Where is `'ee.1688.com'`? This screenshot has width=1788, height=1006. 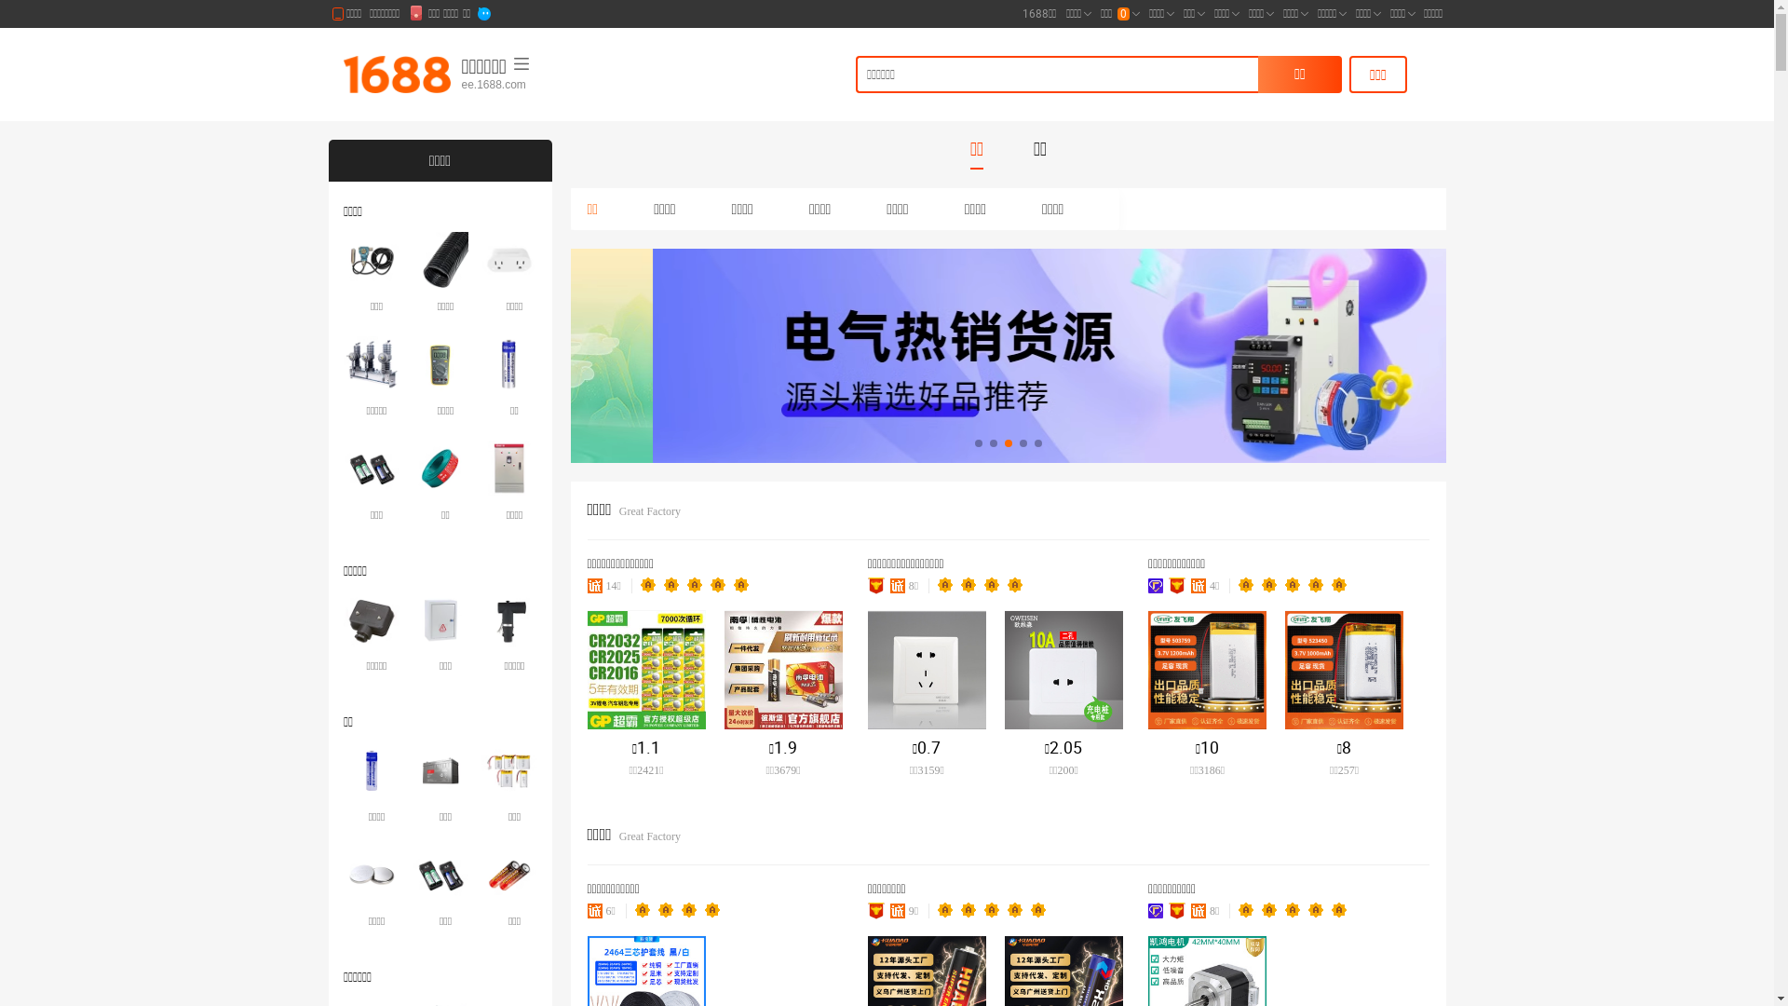
'ee.1688.com' is located at coordinates (553, 85).